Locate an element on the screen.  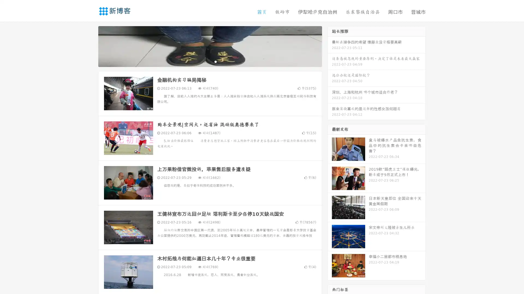
Go to slide 3 is located at coordinates (215, 61).